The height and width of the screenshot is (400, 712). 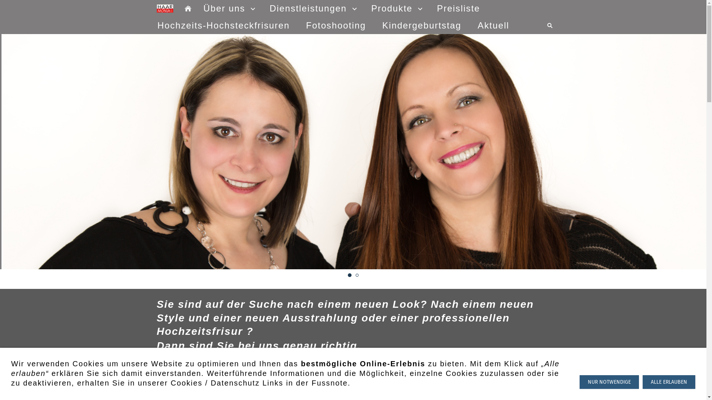 I want to click on 'Kindergeburtstag', so click(x=422, y=25).